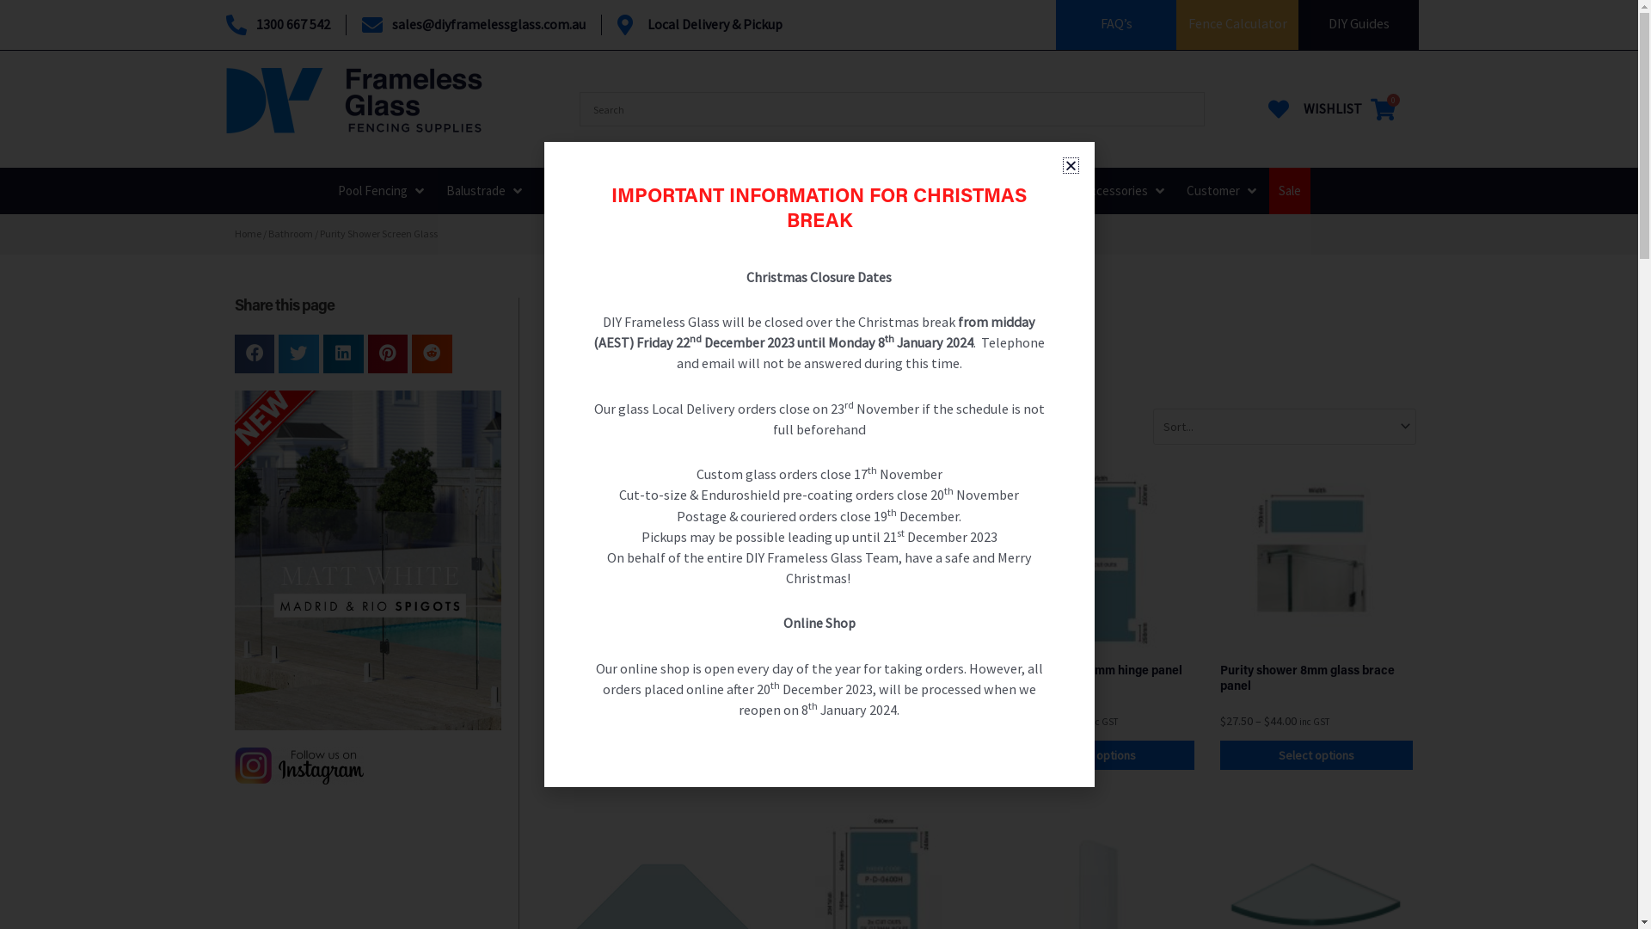 This screenshot has height=929, width=1651. What do you see at coordinates (475, 191) in the screenshot?
I see `'Balustrade'` at bounding box center [475, 191].